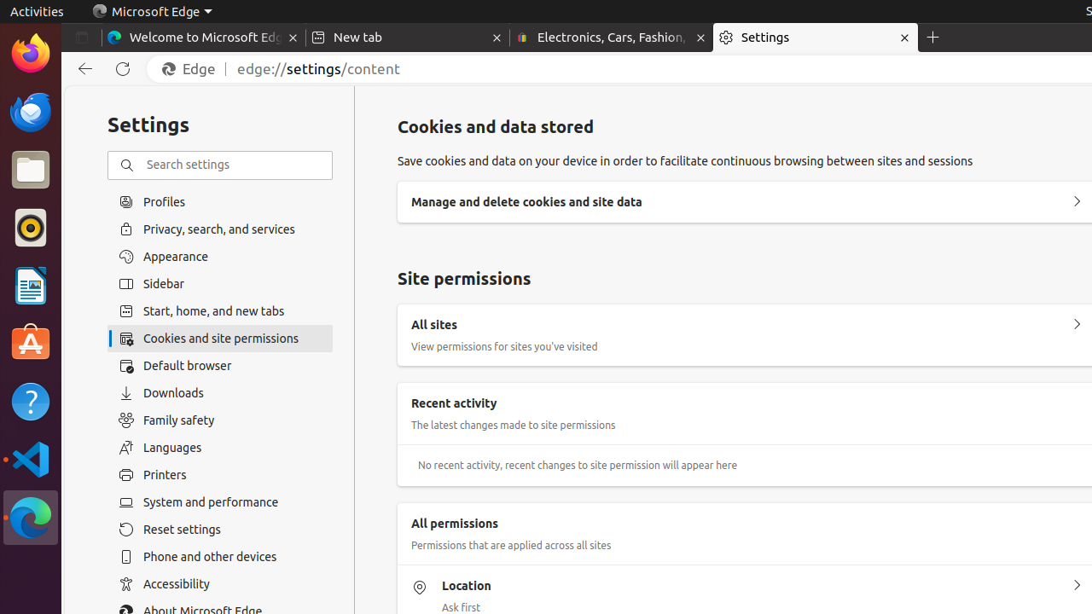 The image size is (1092, 614). What do you see at coordinates (219, 583) in the screenshot?
I see `'Accessibility'` at bounding box center [219, 583].